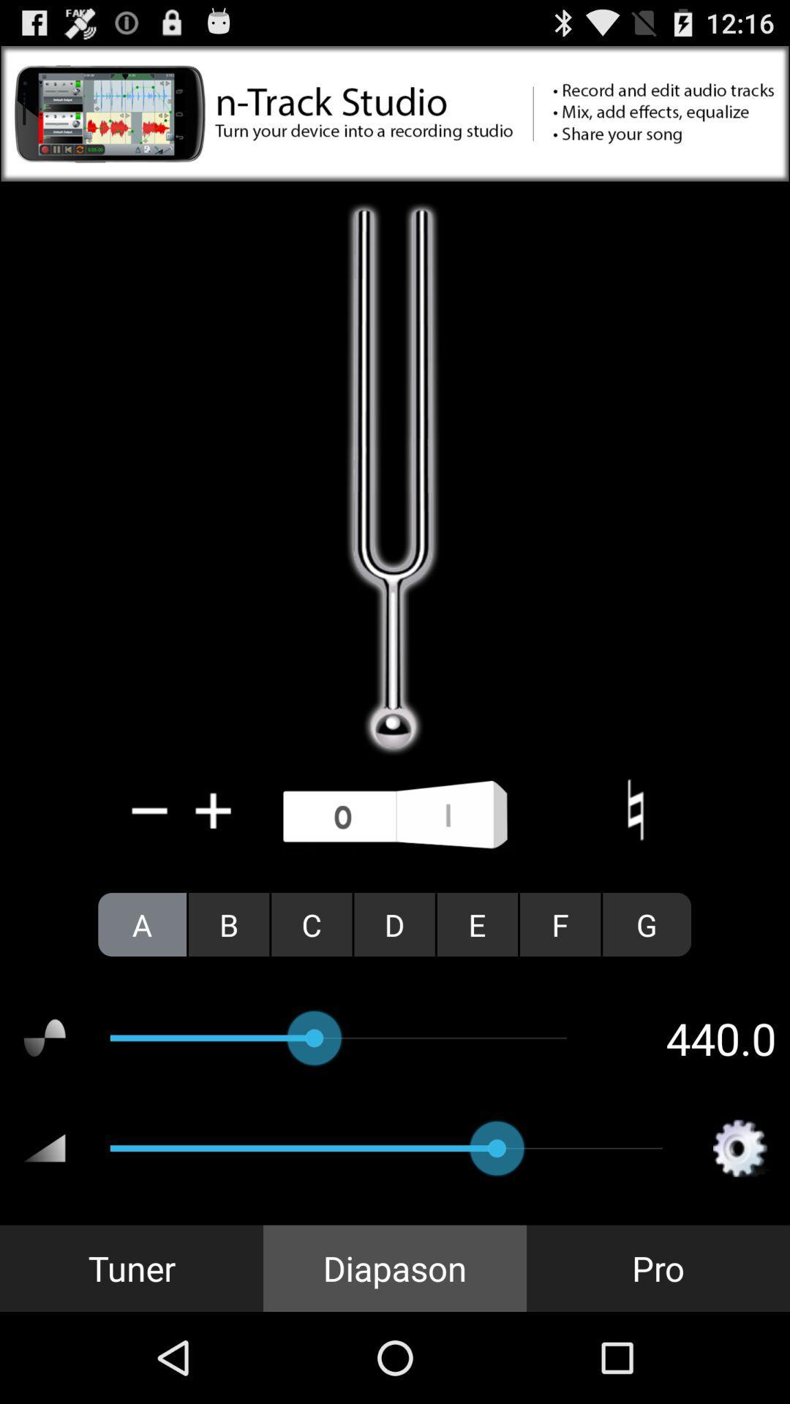  Describe the element at coordinates (560, 924) in the screenshot. I see `f item` at that location.